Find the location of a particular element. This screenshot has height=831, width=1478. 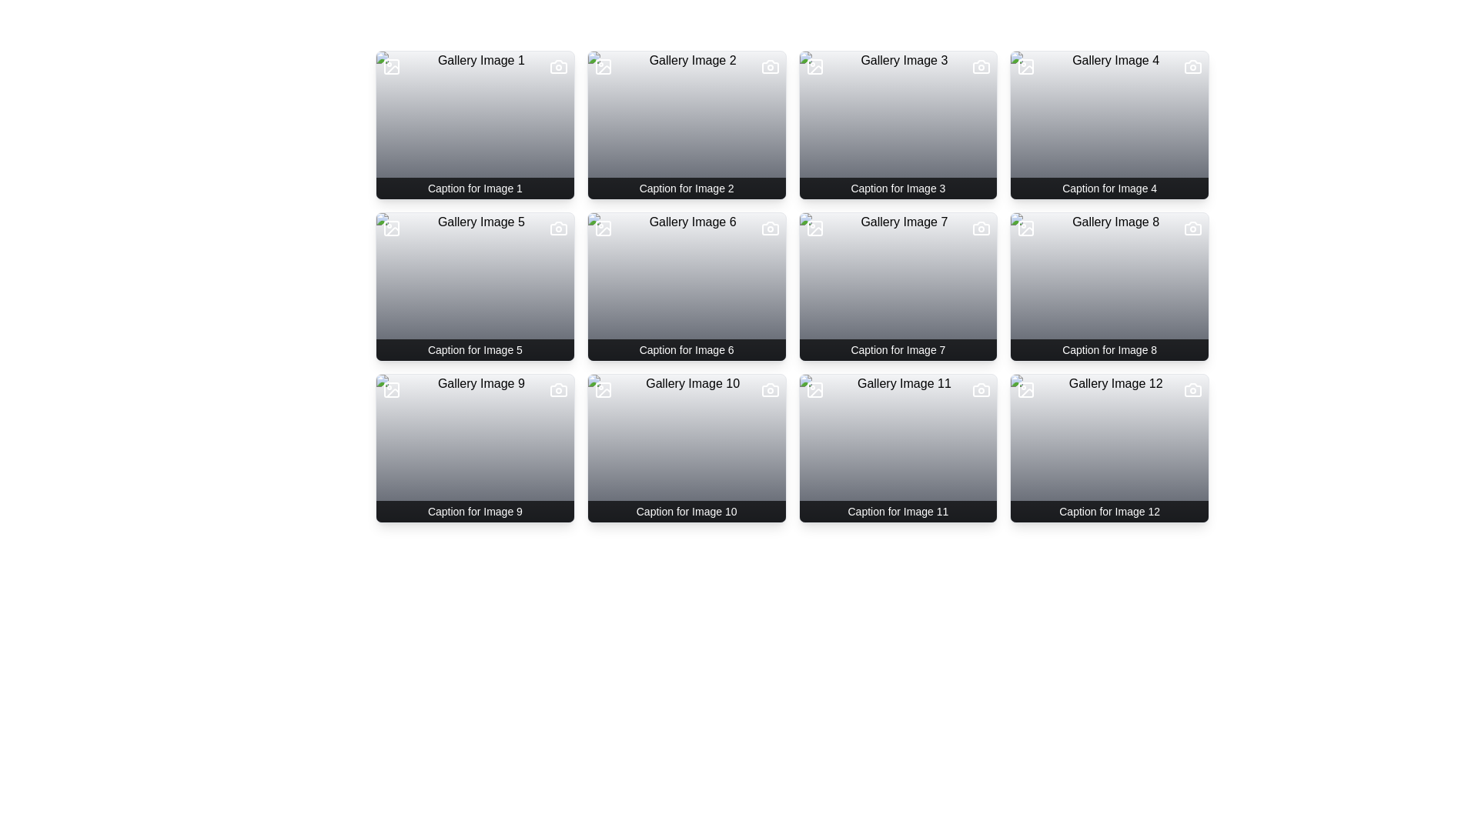

the small triangular-shaped icon located in the top-left corner of the image labeled 'Gallery Image 6' is located at coordinates (604, 232).